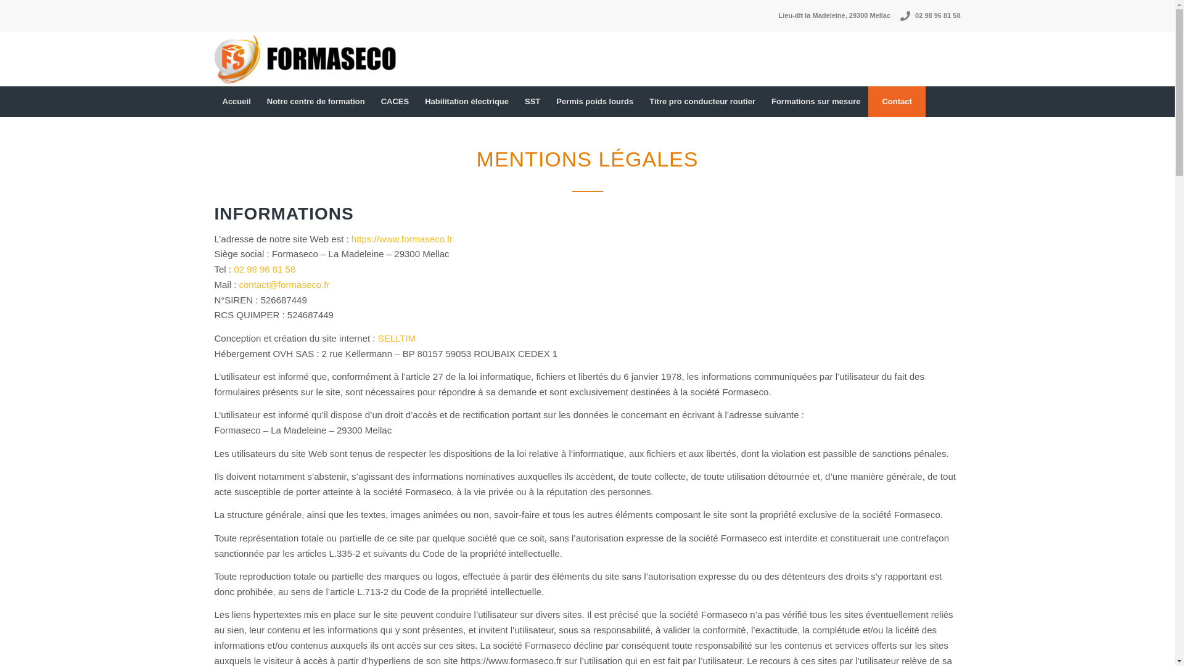 The width and height of the screenshot is (1184, 666). Describe the element at coordinates (594, 101) in the screenshot. I see `'Permis poids lourds'` at that location.